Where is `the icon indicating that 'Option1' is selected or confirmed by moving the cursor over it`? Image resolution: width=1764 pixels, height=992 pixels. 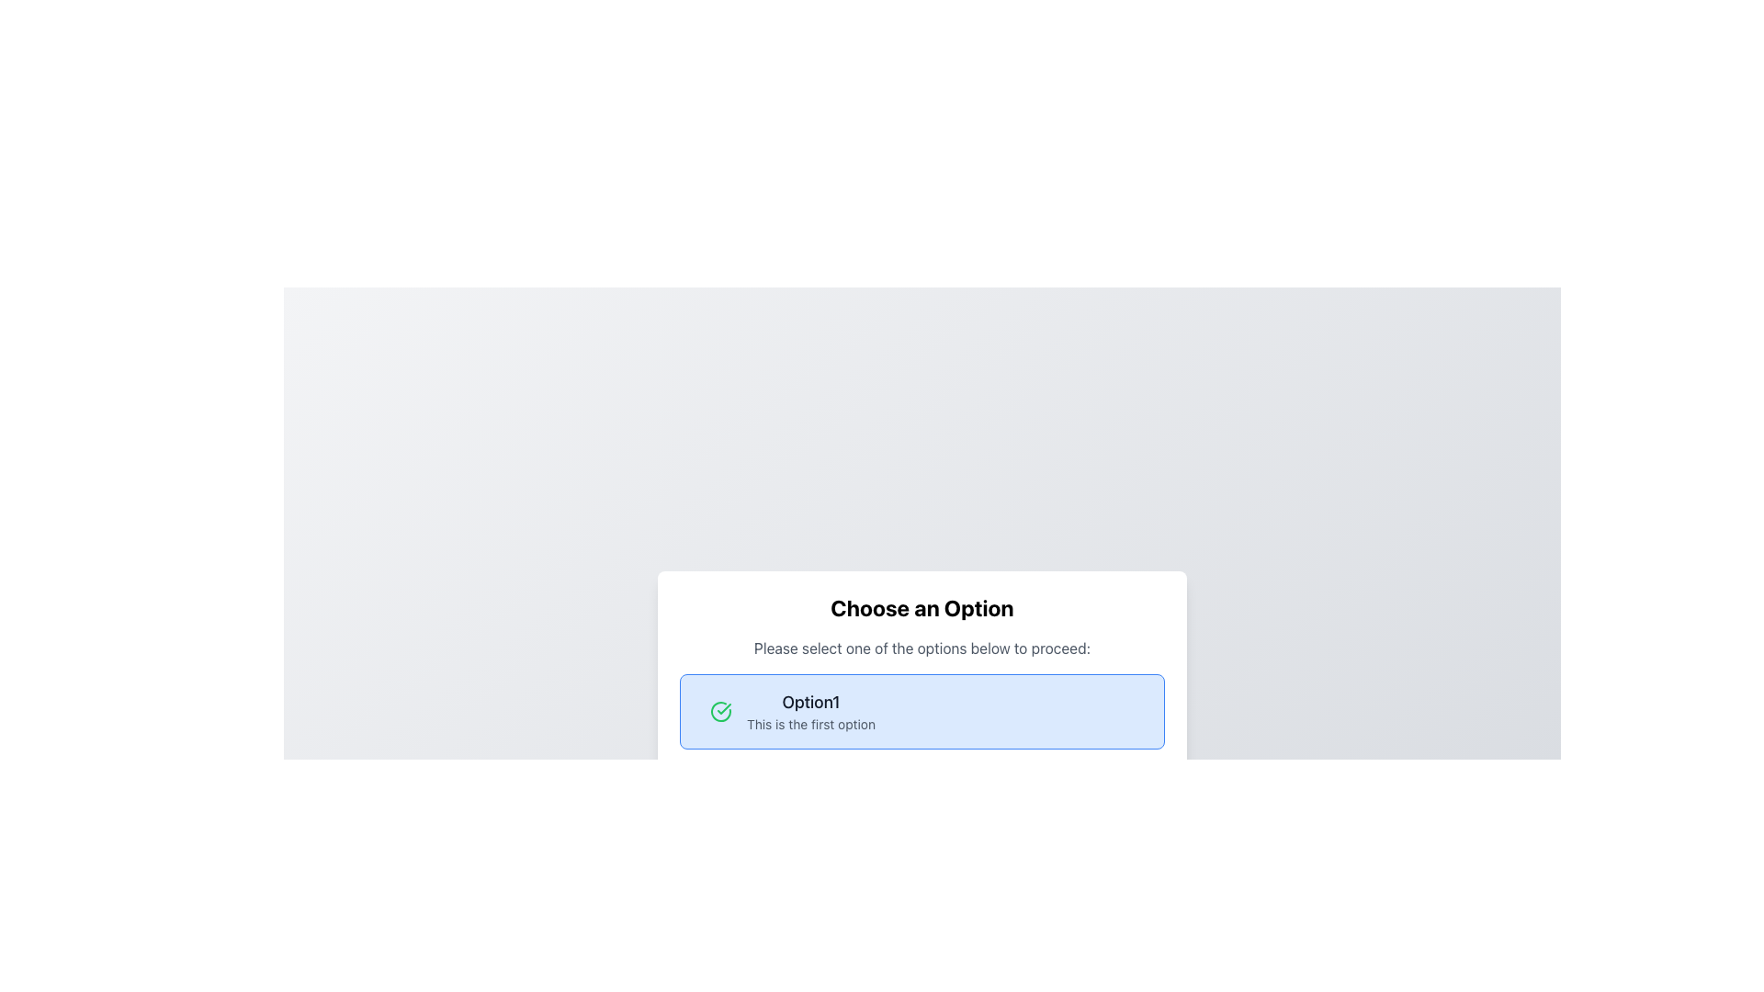
the icon indicating that 'Option1' is selected or confirmed by moving the cursor over it is located at coordinates (720, 711).